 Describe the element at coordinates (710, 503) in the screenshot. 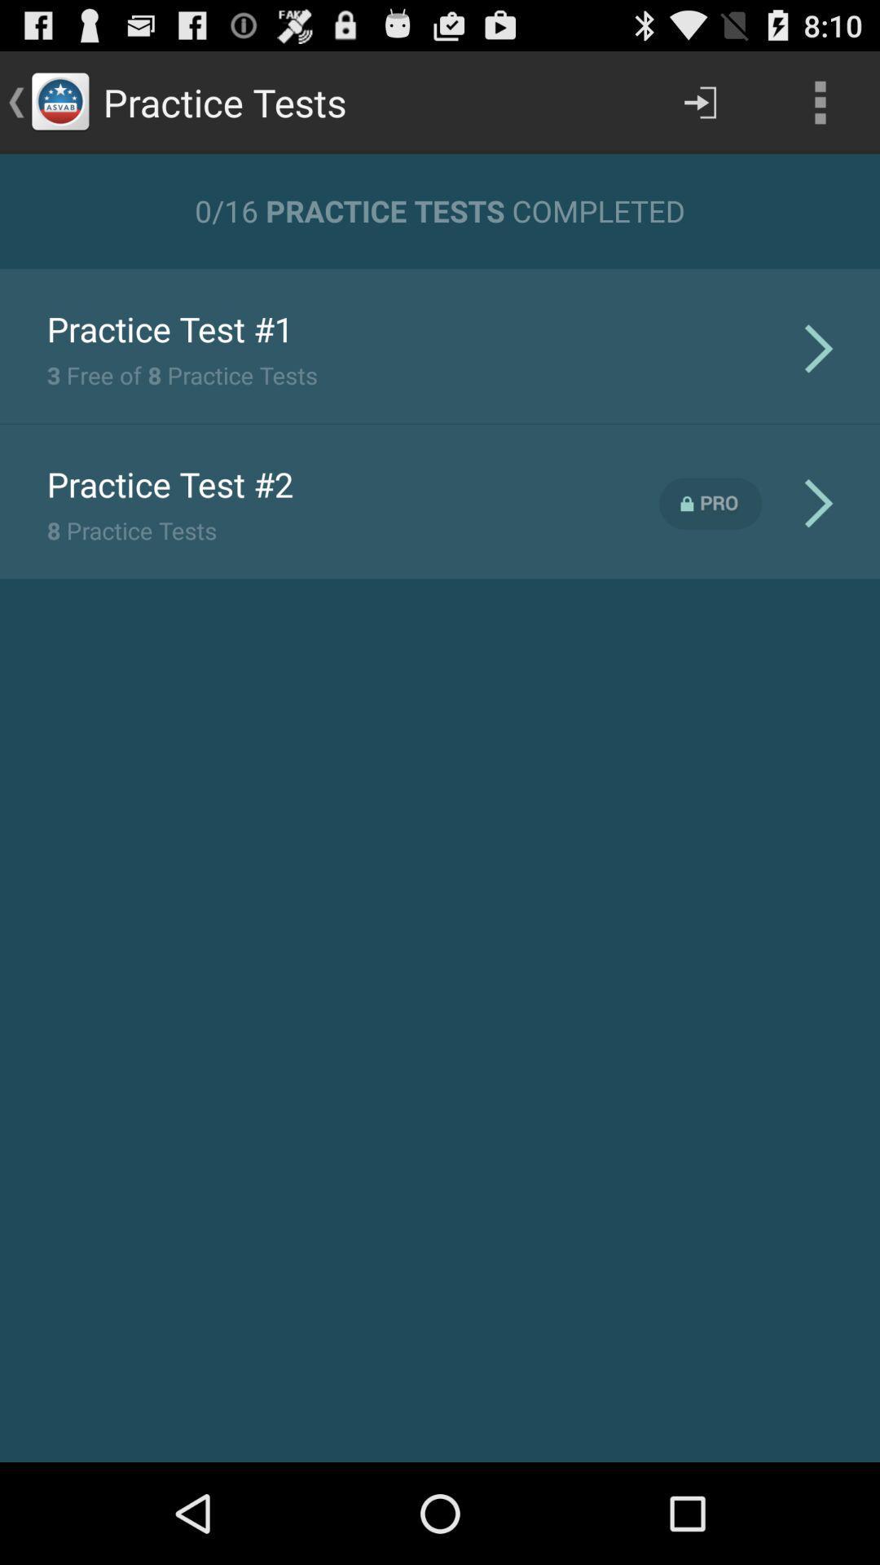

I see `app to the right of the practice test #2 icon` at that location.